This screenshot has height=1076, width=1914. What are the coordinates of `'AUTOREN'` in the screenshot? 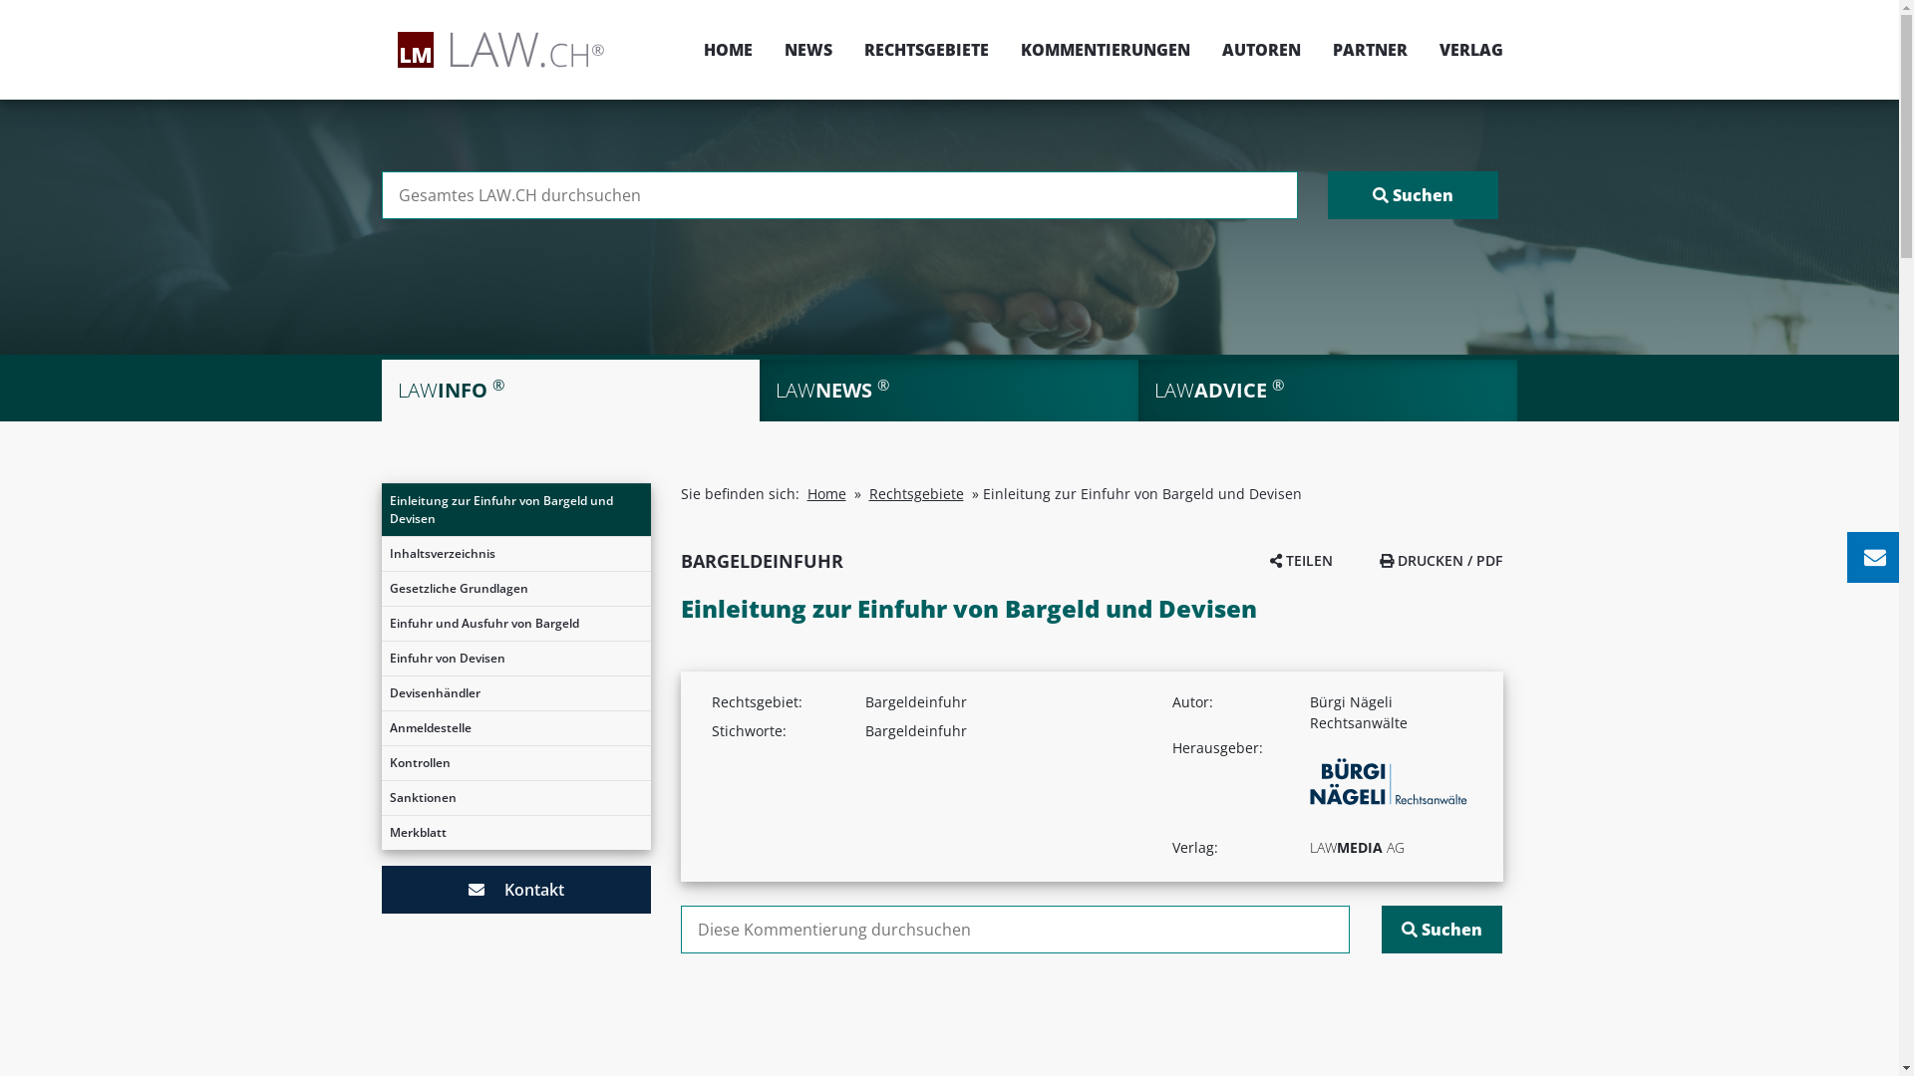 It's located at (1260, 49).